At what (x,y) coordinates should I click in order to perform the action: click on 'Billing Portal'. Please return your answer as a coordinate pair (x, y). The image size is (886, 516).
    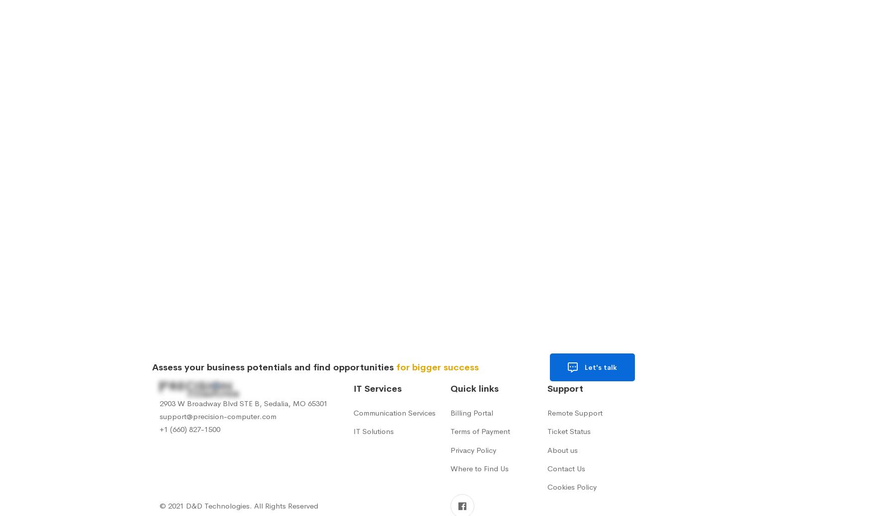
    Looking at the image, I should click on (450, 413).